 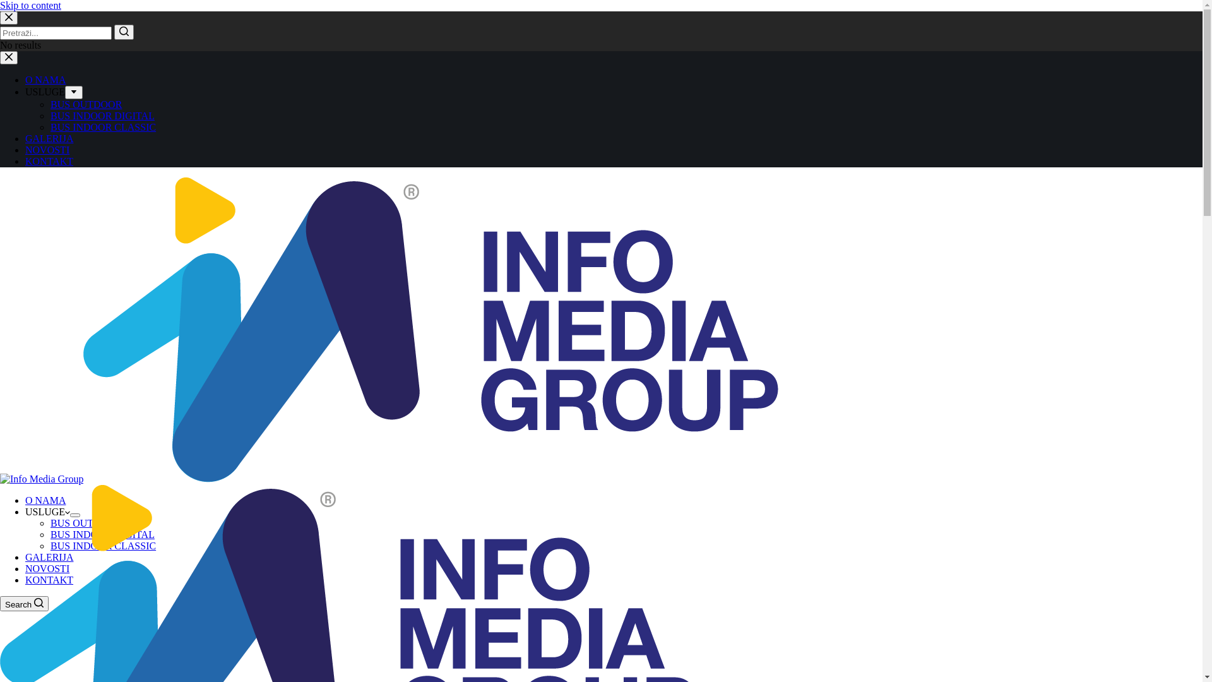 I want to click on 'USLUGE', so click(x=45, y=91).